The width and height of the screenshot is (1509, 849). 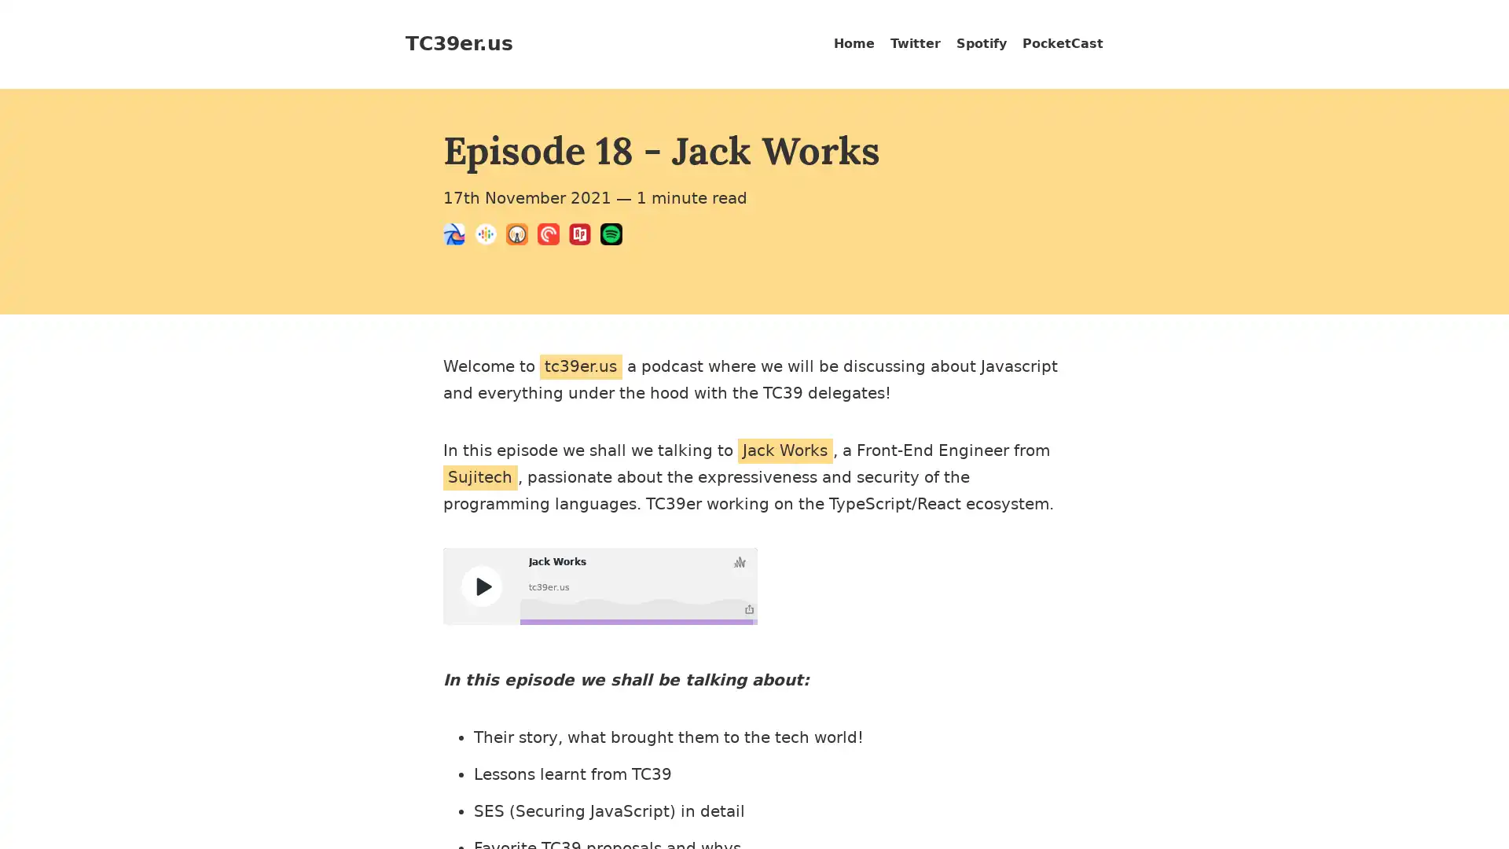 What do you see at coordinates (521, 237) in the screenshot?
I see `Overcast Logo` at bounding box center [521, 237].